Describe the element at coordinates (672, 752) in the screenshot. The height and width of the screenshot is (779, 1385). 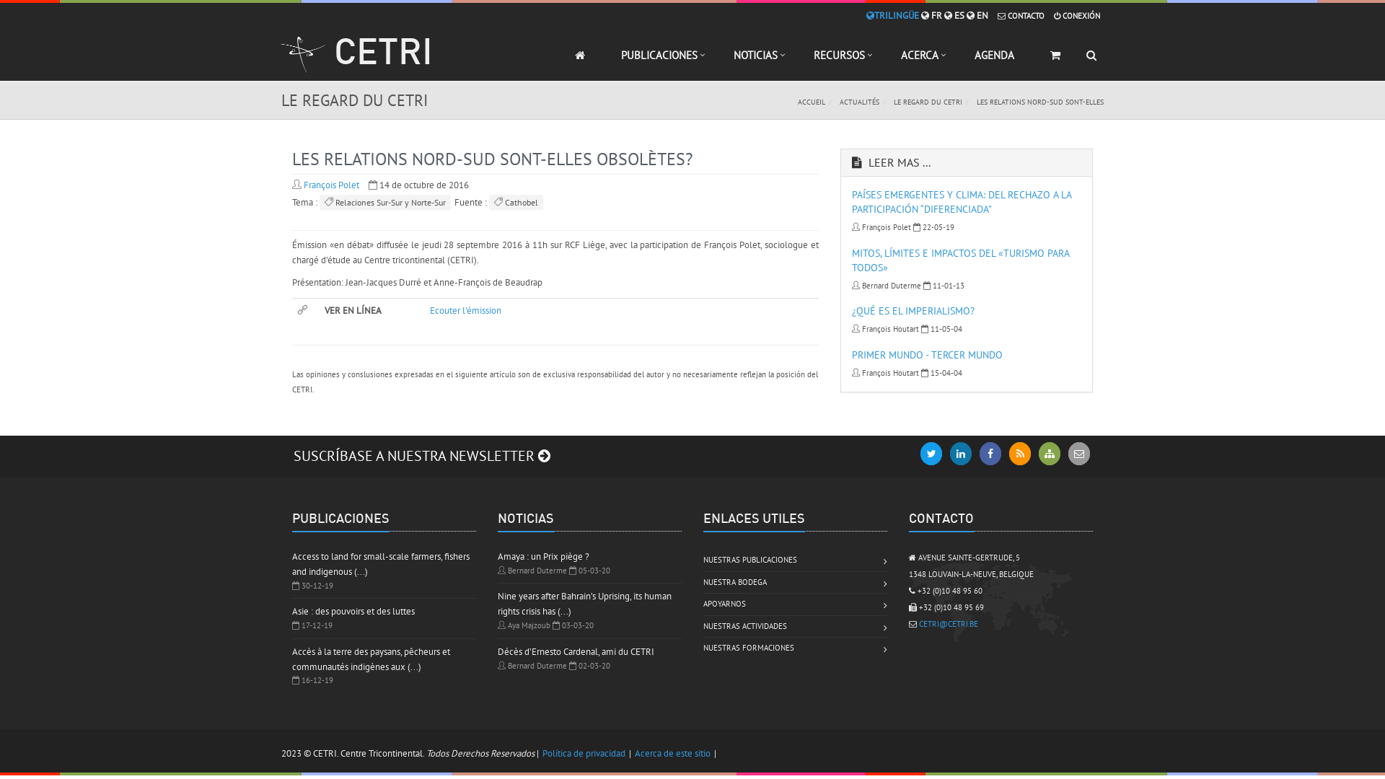
I see `'Acerca de este sitio'` at that location.